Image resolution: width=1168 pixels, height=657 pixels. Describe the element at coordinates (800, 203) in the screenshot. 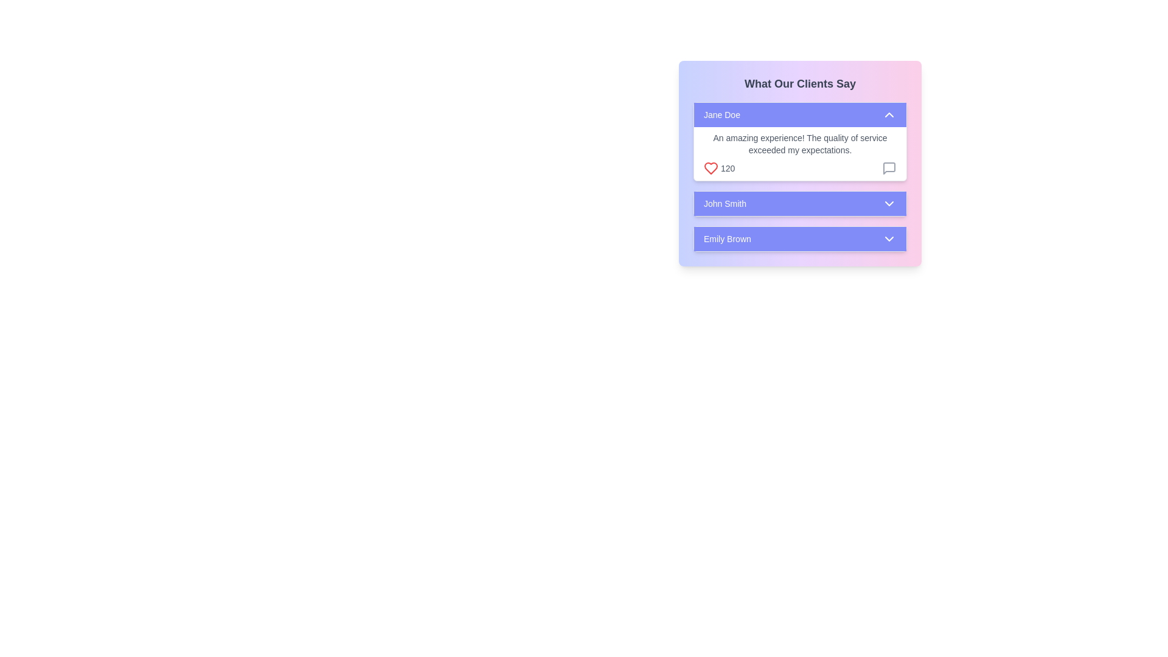

I see `the button with a violet background labeled 'John Smith'` at that location.